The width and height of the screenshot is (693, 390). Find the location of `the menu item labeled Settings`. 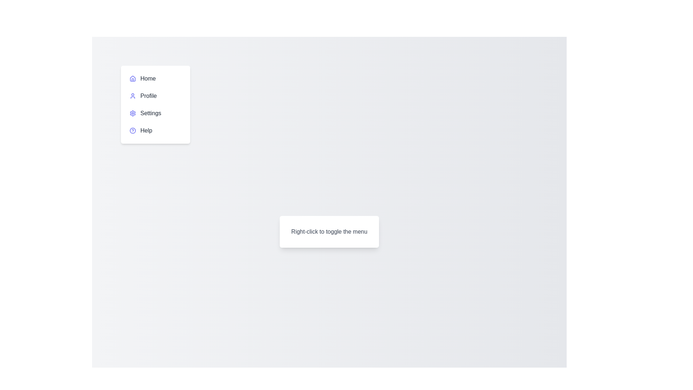

the menu item labeled Settings is located at coordinates (155, 113).